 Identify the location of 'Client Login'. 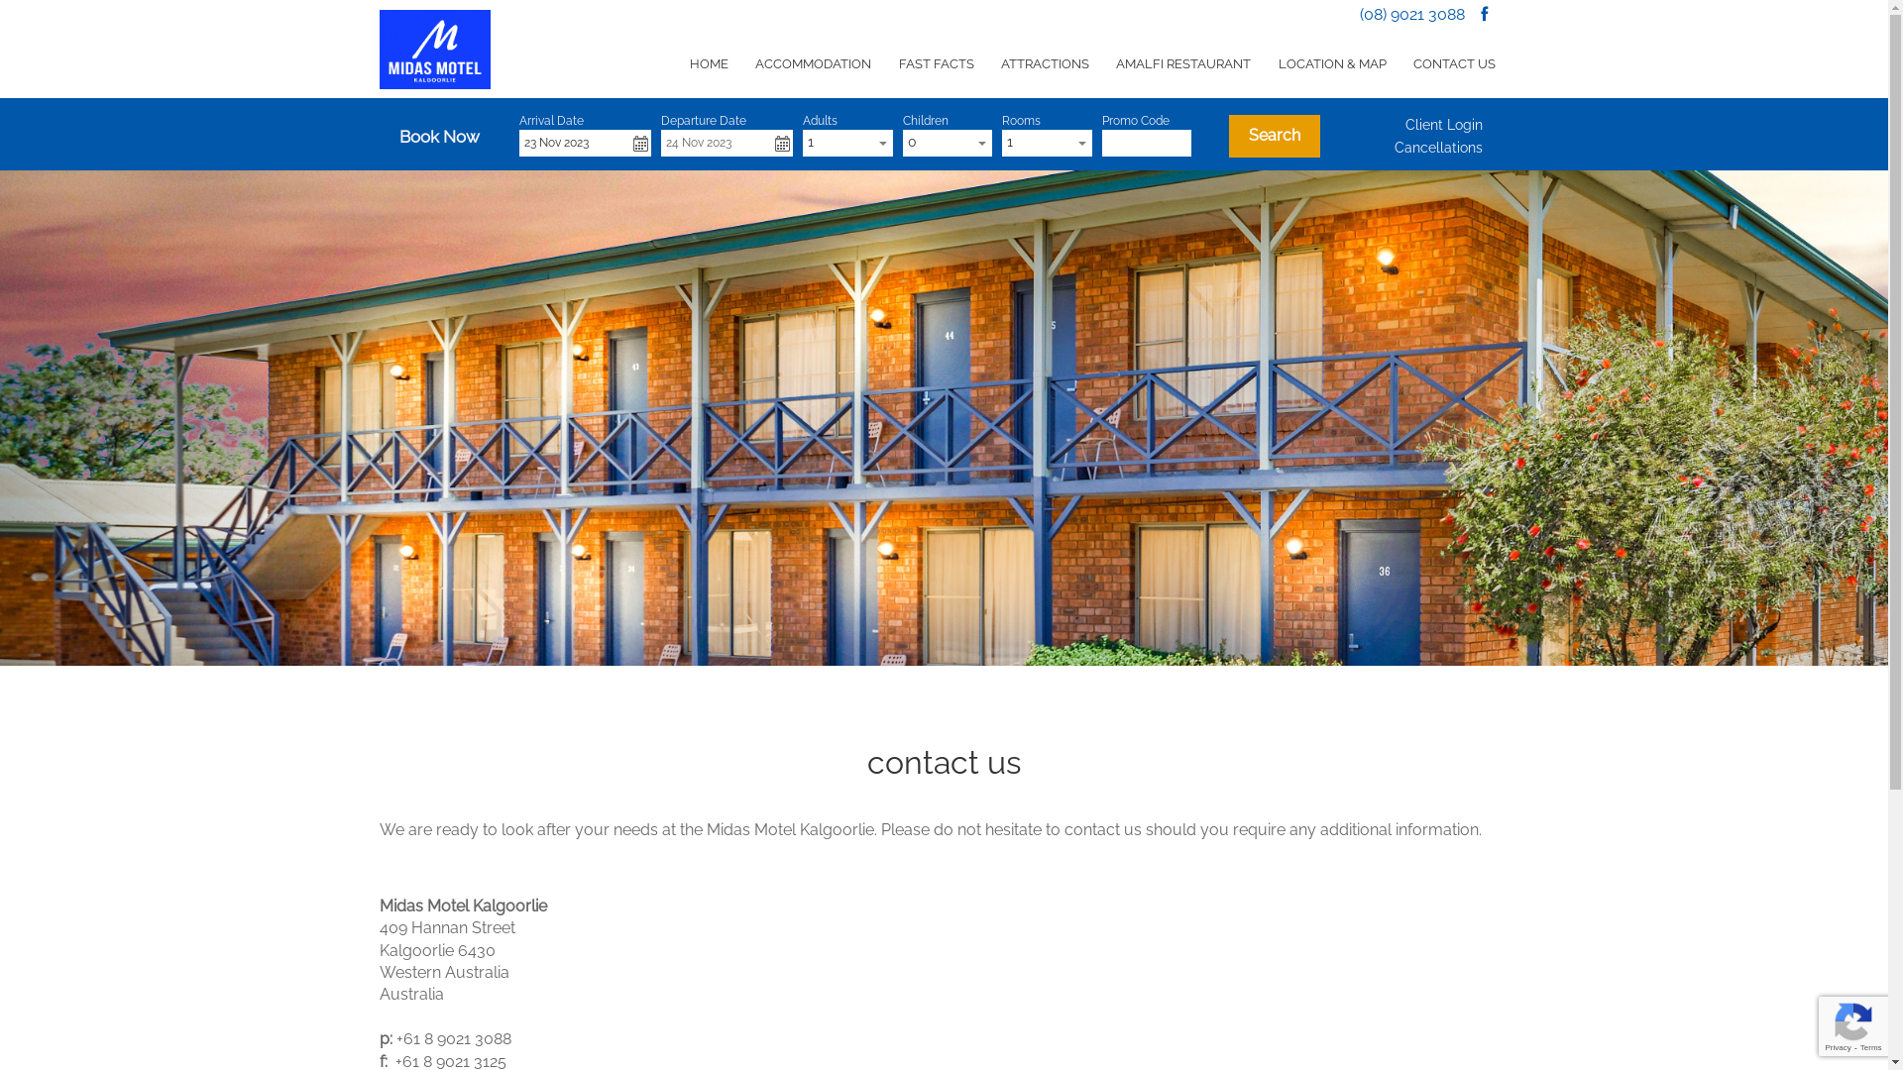
(1444, 125).